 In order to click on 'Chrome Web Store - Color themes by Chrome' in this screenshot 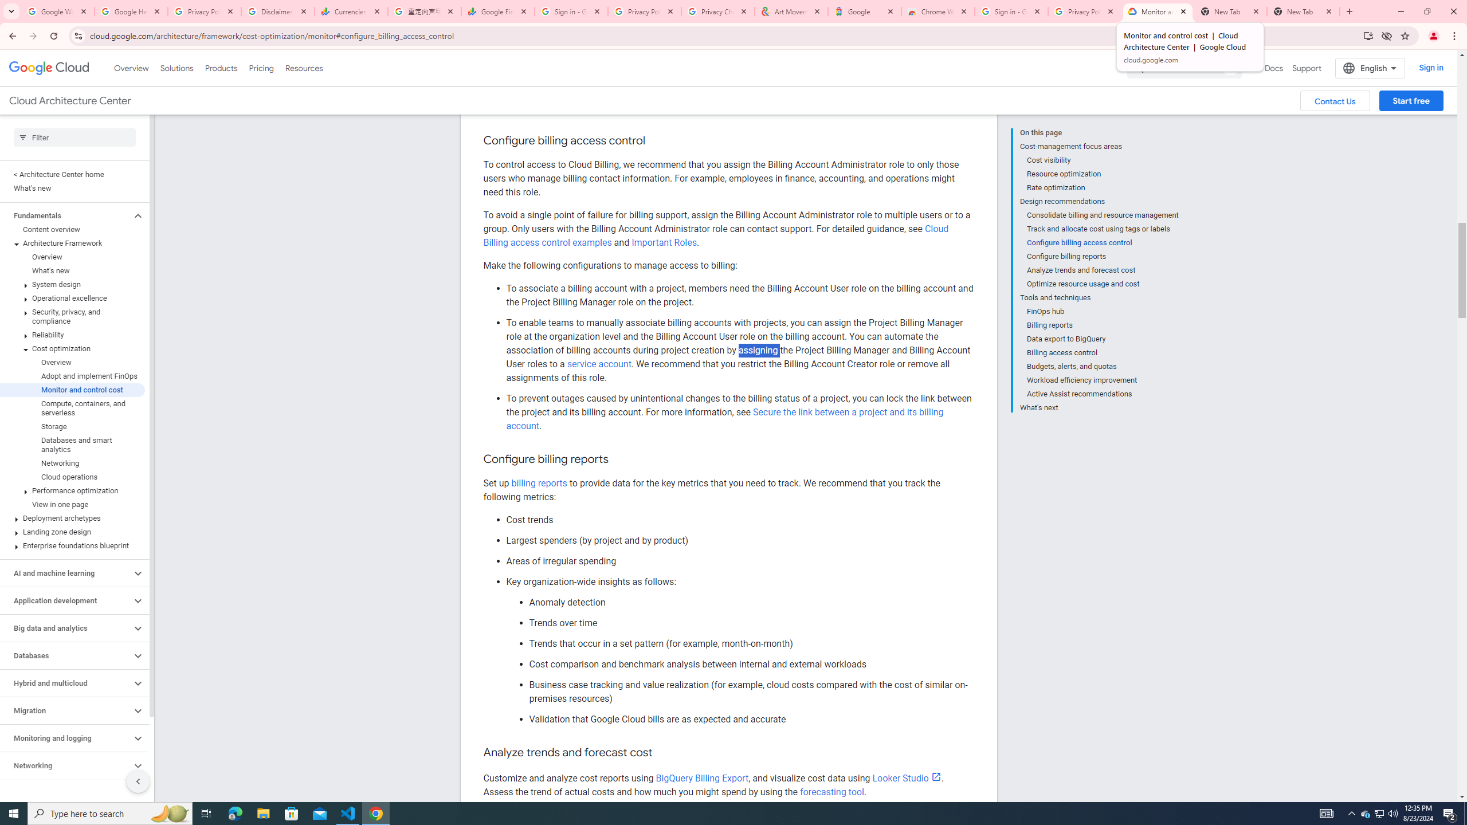, I will do `click(938, 11)`.